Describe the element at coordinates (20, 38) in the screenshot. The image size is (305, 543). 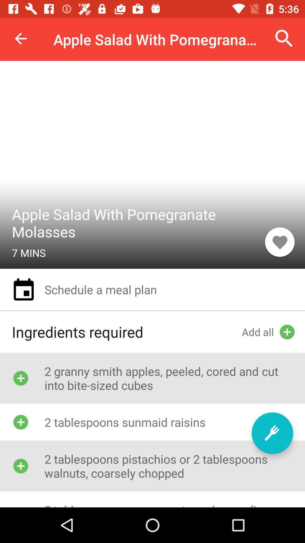
I see `item at the top left corner` at that location.